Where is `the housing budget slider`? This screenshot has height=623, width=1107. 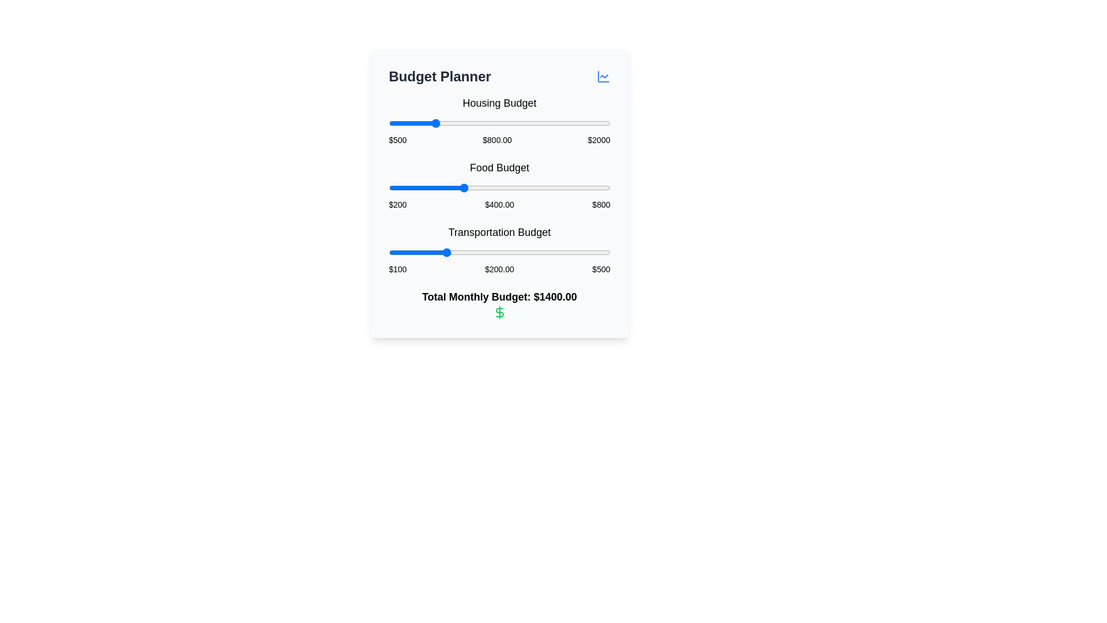 the housing budget slider is located at coordinates (583, 123).